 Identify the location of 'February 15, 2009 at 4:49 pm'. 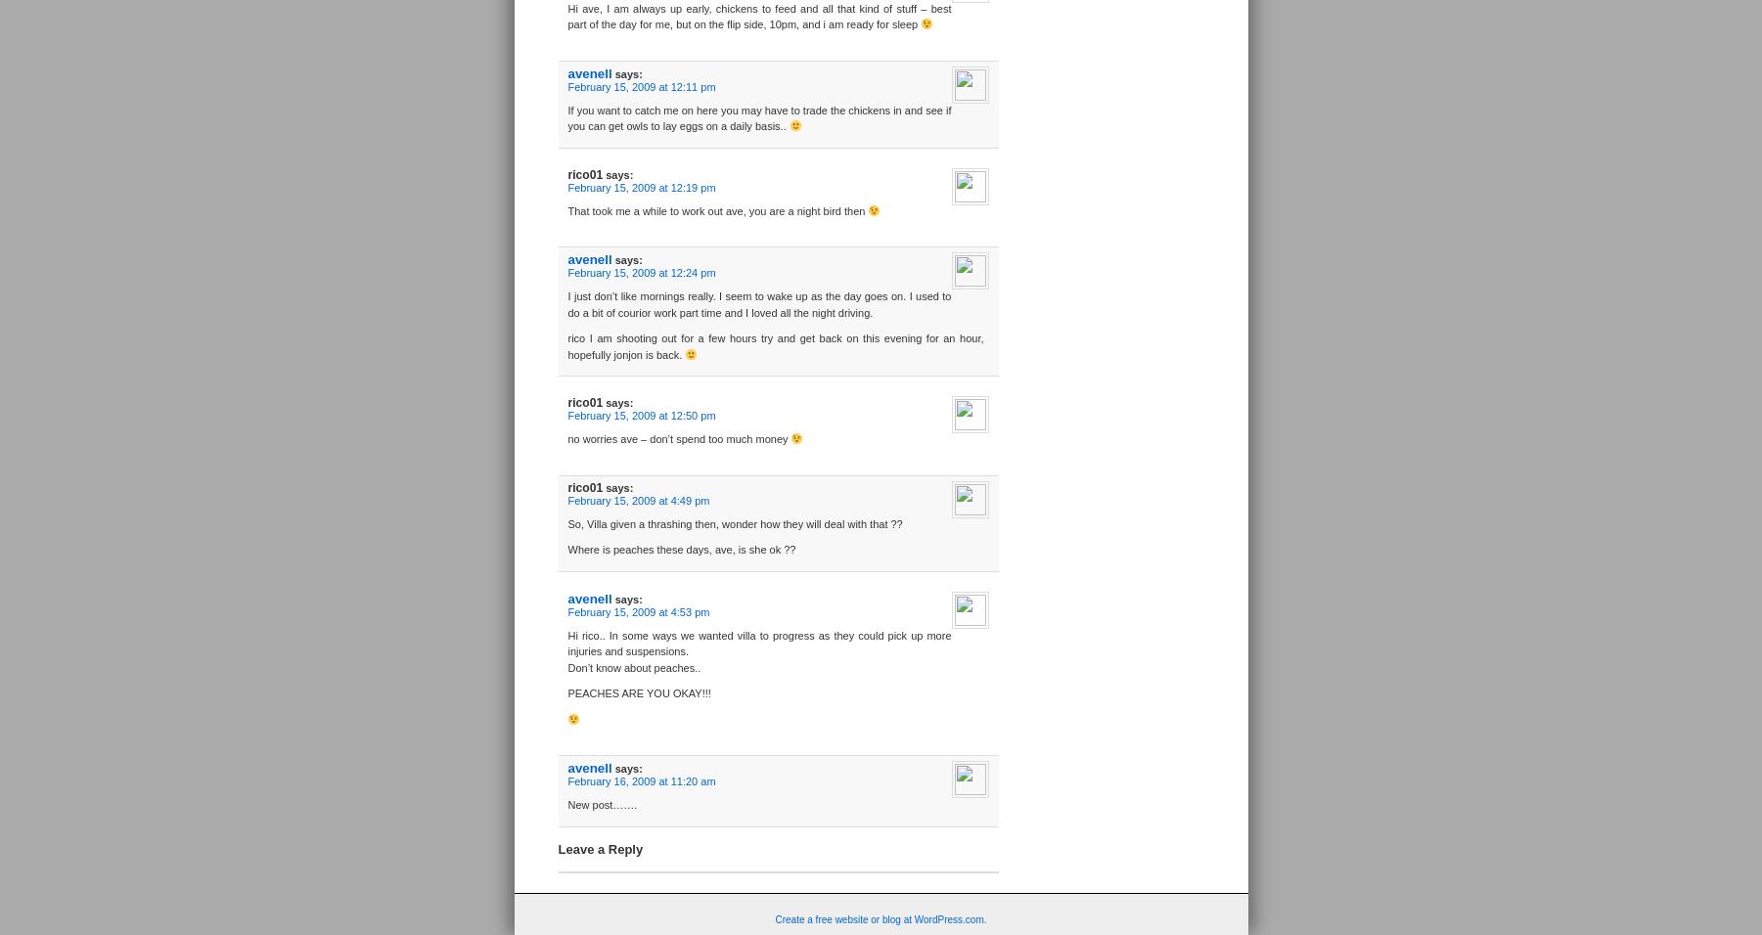
(637, 498).